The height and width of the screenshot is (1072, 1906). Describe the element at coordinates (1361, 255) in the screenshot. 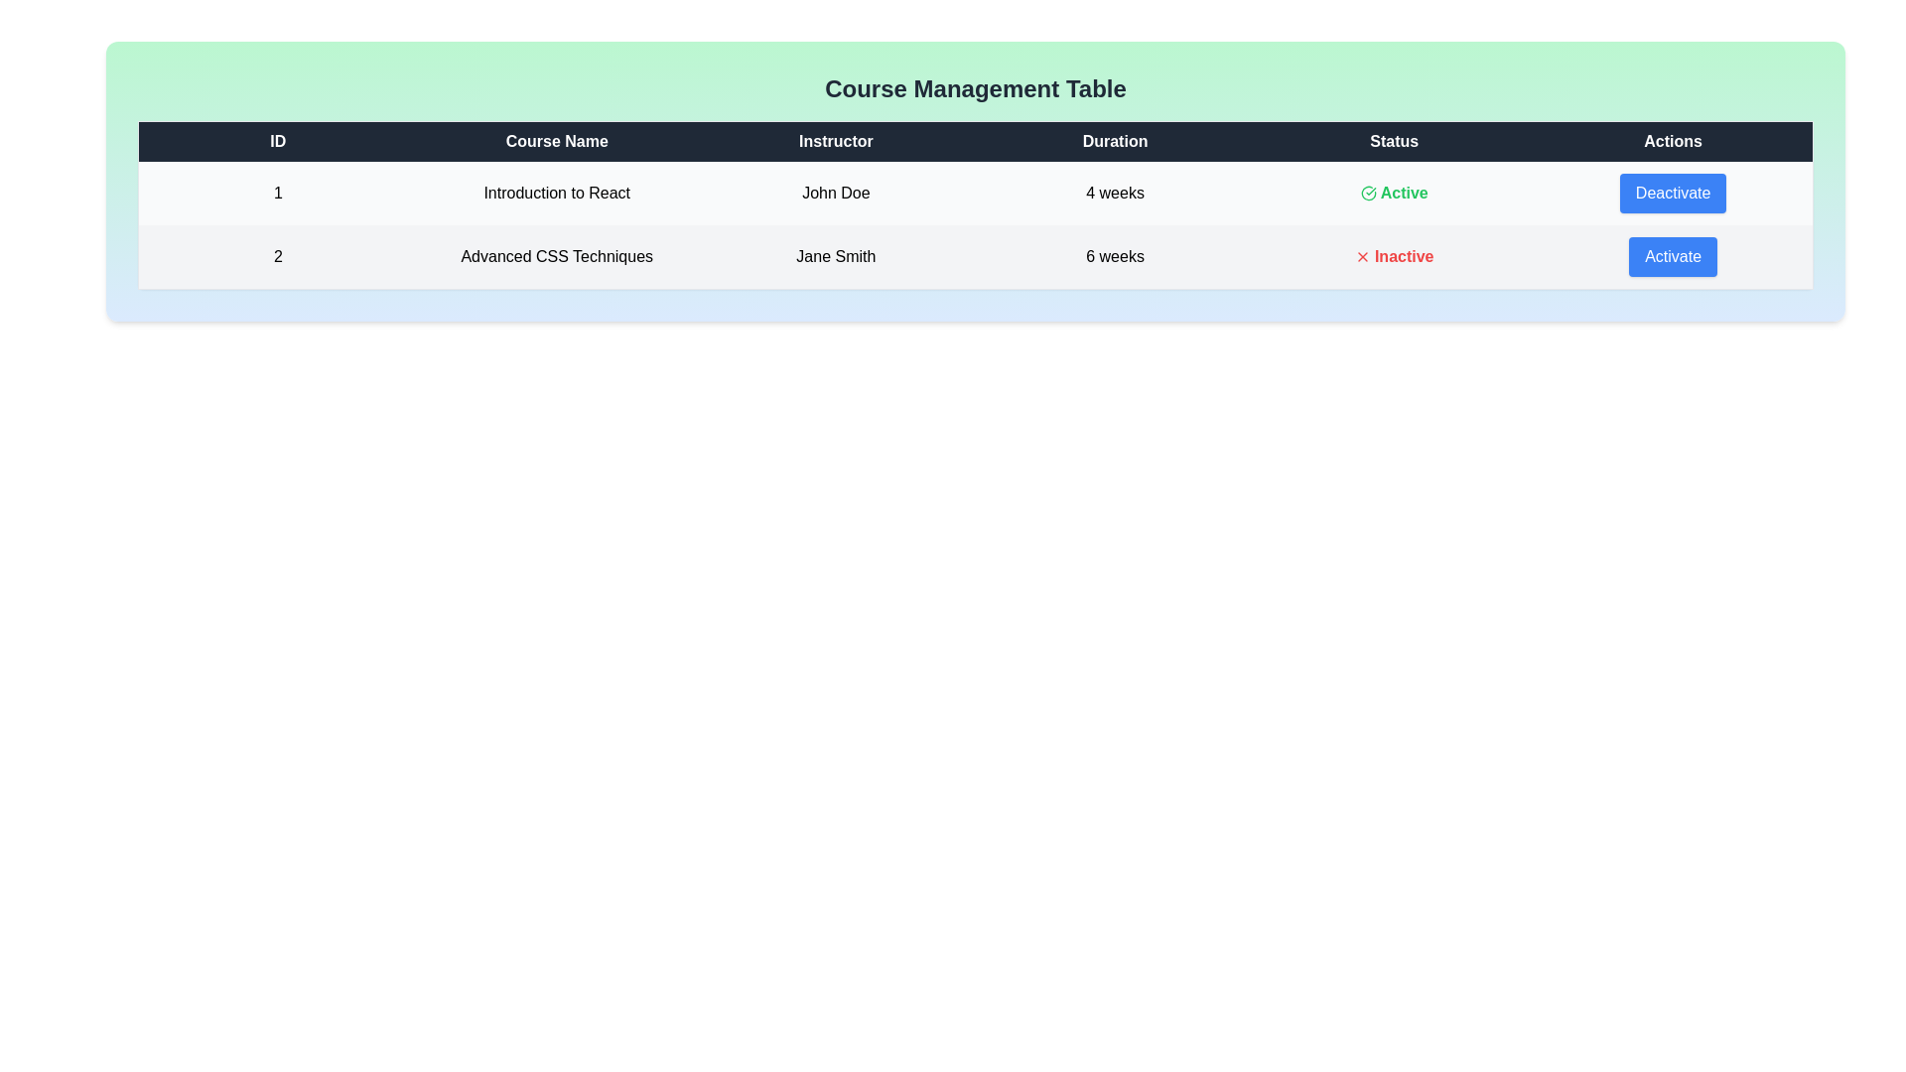

I see `the 'Inactive' status icon located in the 'Status' column of the second row of the table, which aligns horizontally with the text 'Inactive' for the course 'Advanced CSS Techniques'` at that location.